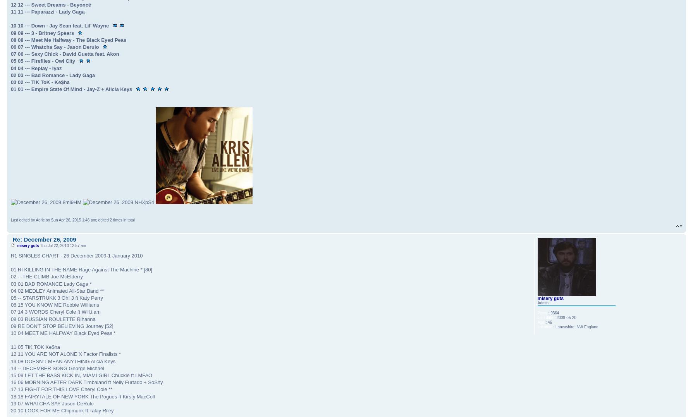 The width and height of the screenshot is (693, 417). What do you see at coordinates (51, 283) in the screenshot?
I see `'03 01 BAD ROMANCE Lady Gaga *'` at bounding box center [51, 283].